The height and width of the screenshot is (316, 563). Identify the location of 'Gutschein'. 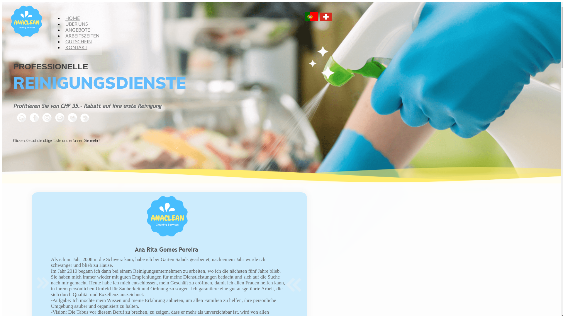
(84, 118).